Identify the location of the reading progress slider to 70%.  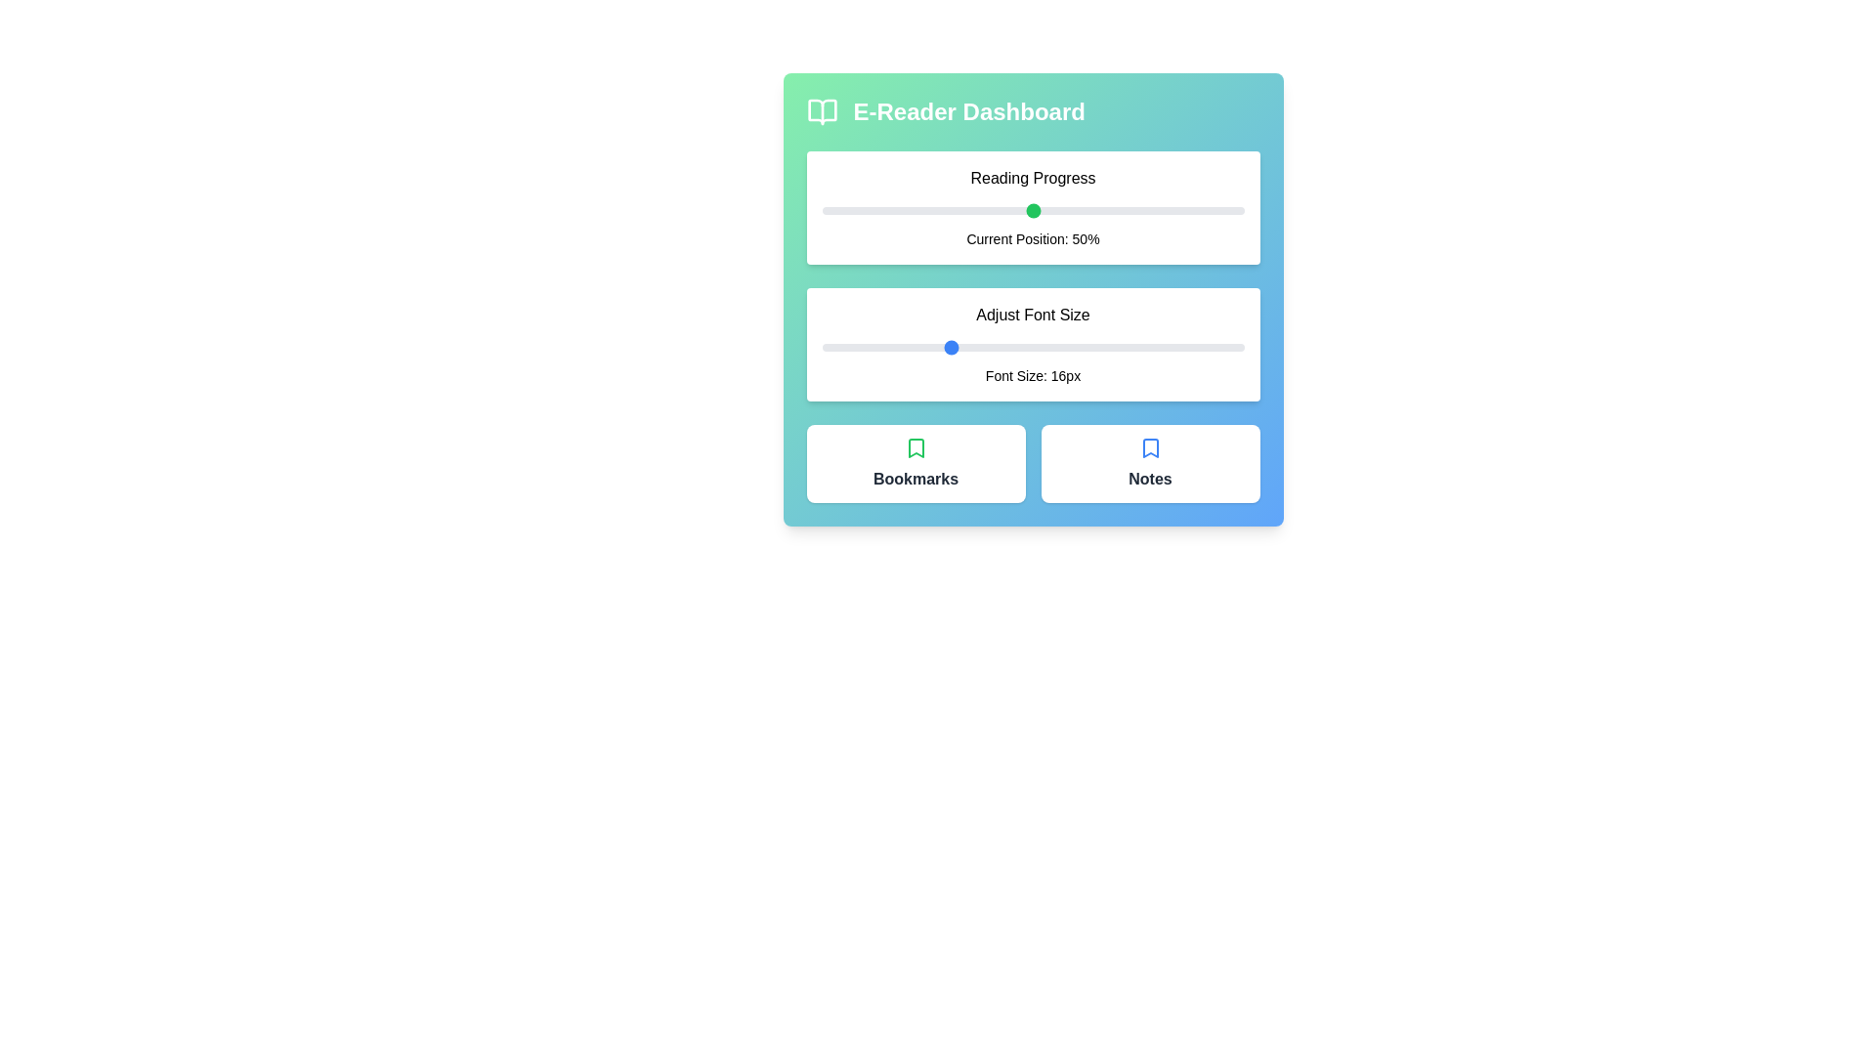
(1117, 211).